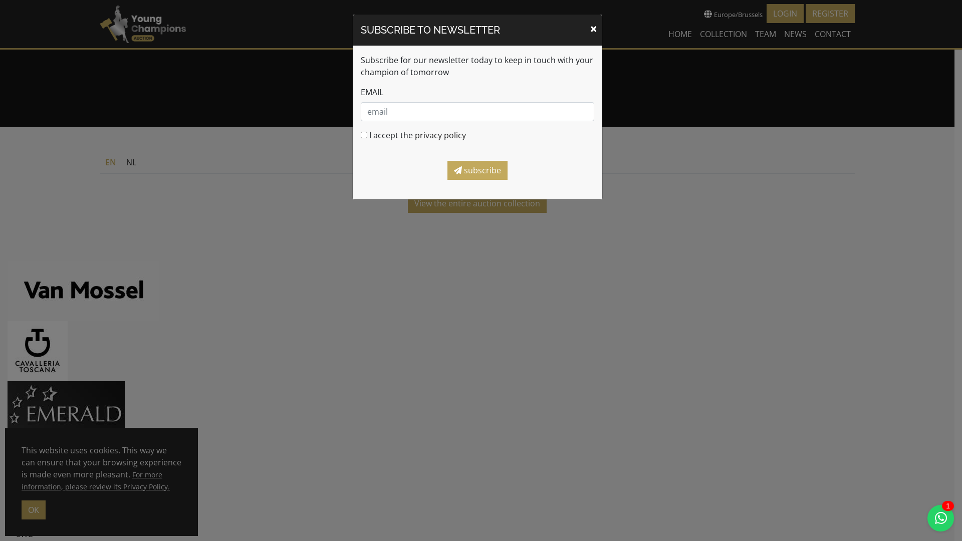 The height and width of the screenshot is (541, 962). Describe the element at coordinates (440, 135) in the screenshot. I see `'privacy policy'` at that location.